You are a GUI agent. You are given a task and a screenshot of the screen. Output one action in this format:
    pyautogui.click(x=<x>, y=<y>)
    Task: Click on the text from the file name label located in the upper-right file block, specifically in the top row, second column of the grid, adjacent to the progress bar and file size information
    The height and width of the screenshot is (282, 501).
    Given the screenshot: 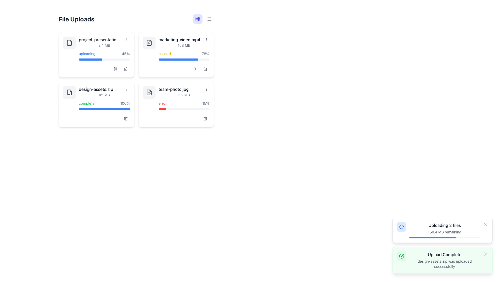 What is the action you would take?
    pyautogui.click(x=179, y=39)
    